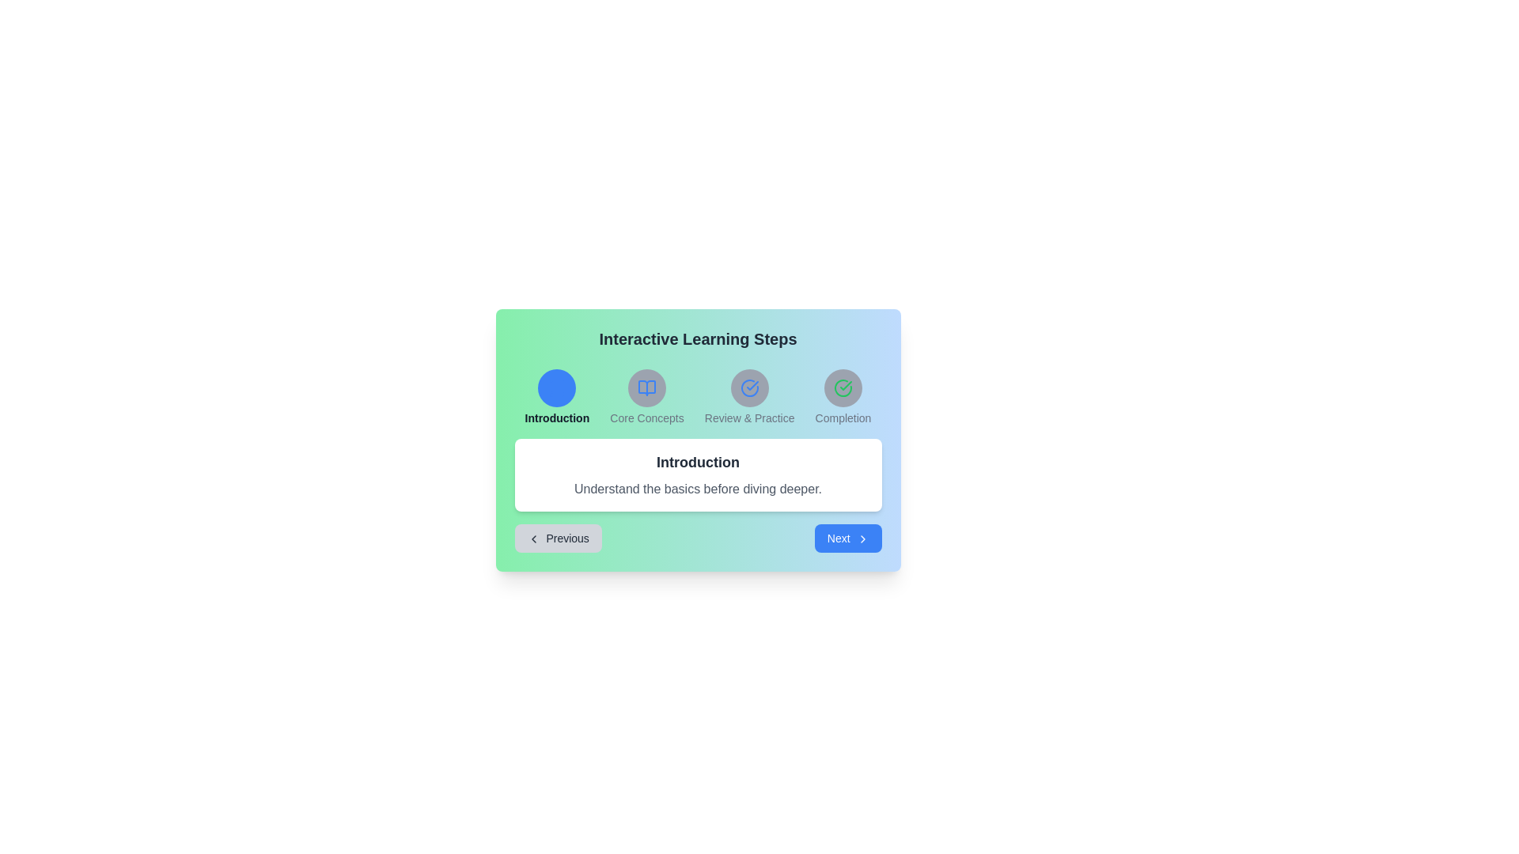 Image resolution: width=1519 pixels, height=854 pixels. What do you see at coordinates (697, 440) in the screenshot?
I see `content displayed in the white box of the card-like interface section titled 'Interactive Learning Steps', which contains the subtitle 'Introduction' and the description 'Understand the basics before diving deeper.'` at bounding box center [697, 440].